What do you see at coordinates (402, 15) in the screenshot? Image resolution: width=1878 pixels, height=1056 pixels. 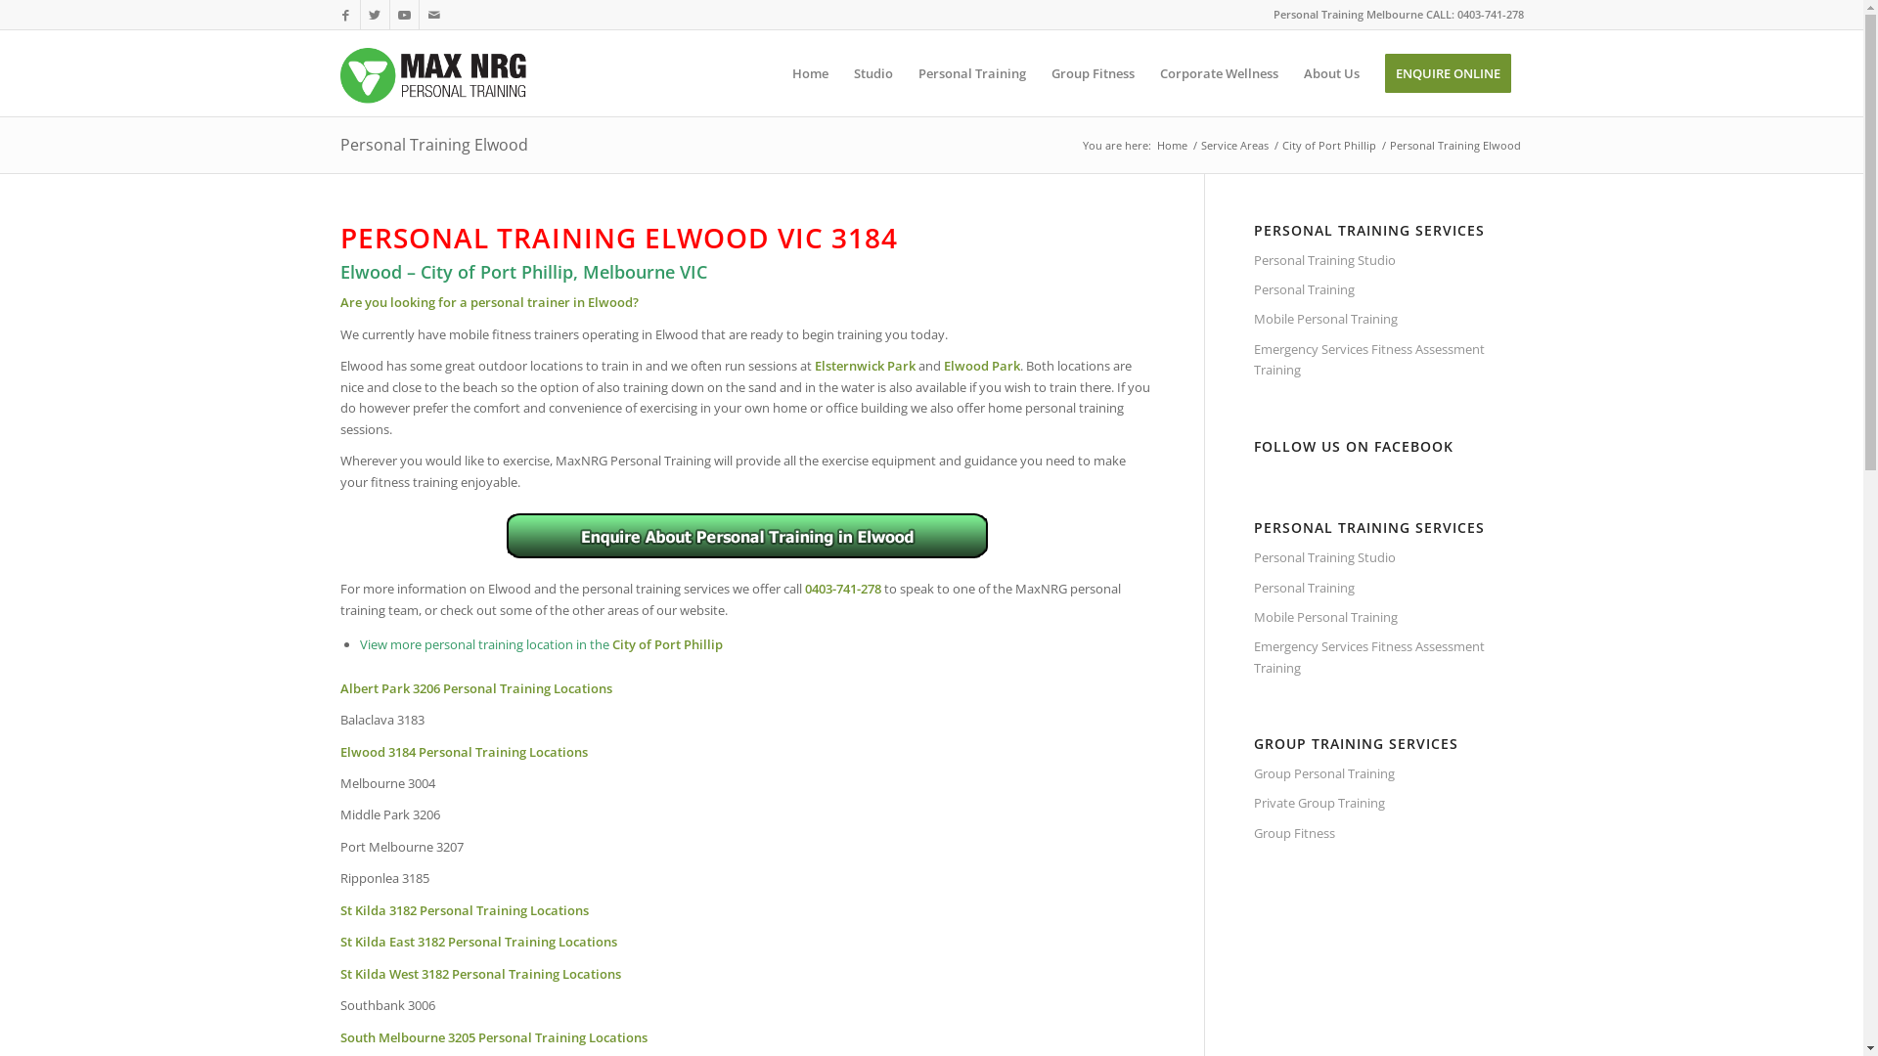 I see `'Youtube'` at bounding box center [402, 15].